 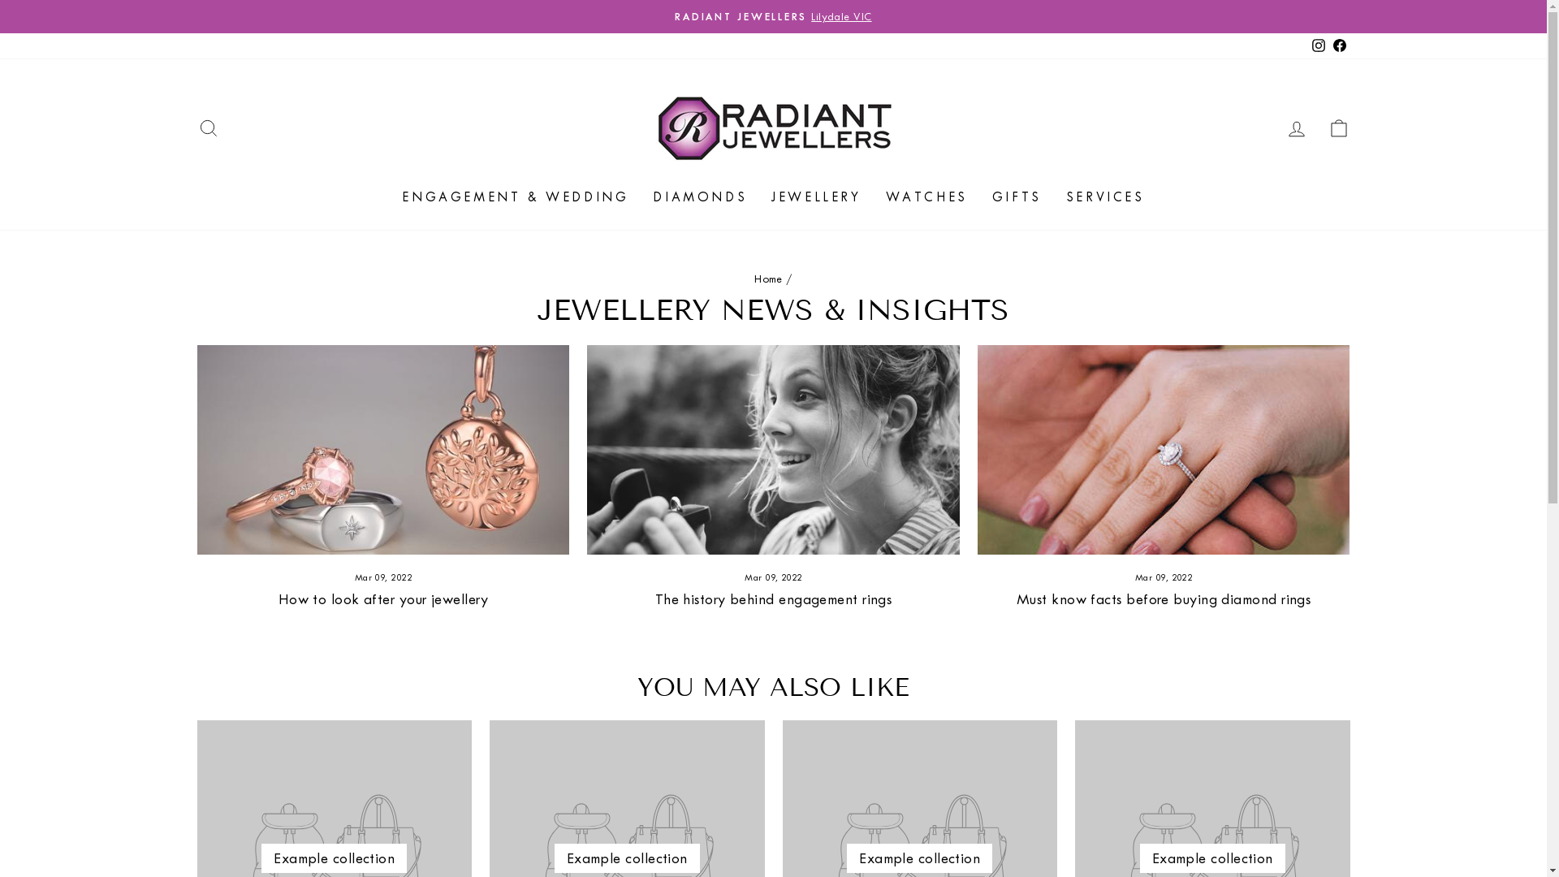 I want to click on 'JEWELLERY', so click(x=815, y=196).